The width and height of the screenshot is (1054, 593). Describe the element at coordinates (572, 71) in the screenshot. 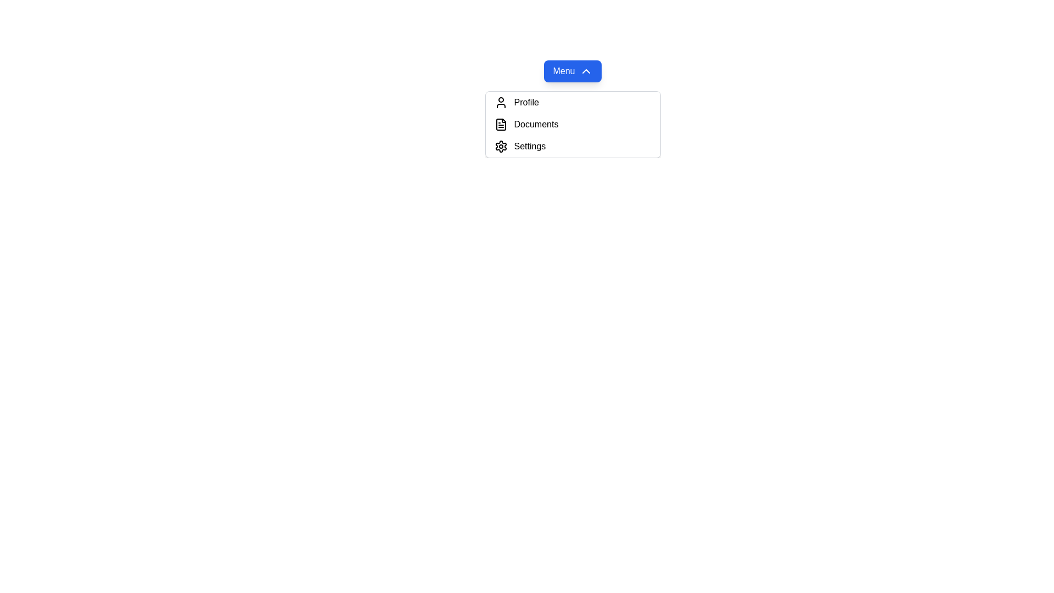

I see `the toggle button` at that location.